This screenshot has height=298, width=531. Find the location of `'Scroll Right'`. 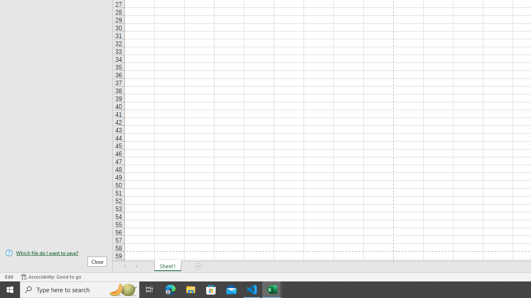

'Scroll Right' is located at coordinates (137, 267).